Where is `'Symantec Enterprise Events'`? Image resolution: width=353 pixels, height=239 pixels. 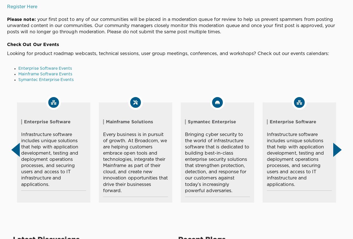 'Symantec Enterprise Events' is located at coordinates (18, 79).